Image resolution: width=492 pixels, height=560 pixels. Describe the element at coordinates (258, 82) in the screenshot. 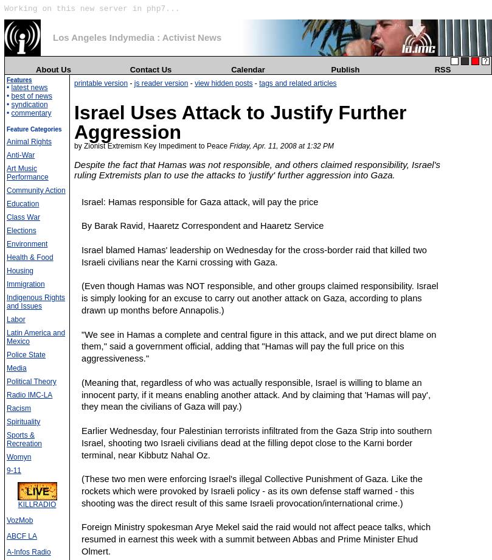

I see `'tags and related articles'` at that location.